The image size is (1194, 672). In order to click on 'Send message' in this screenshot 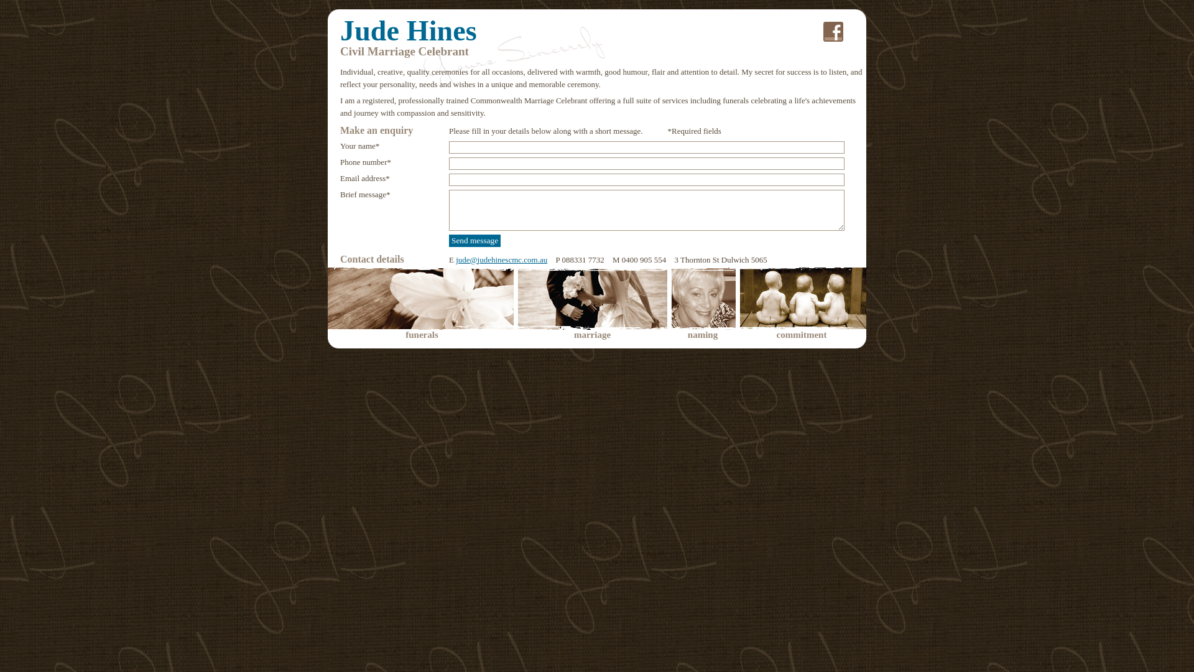, I will do `click(474, 240)`.